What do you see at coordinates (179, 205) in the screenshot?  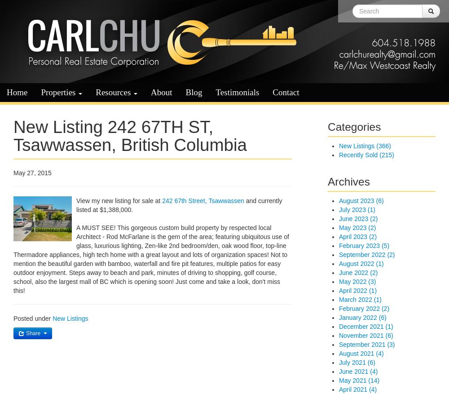 I see `'and currently listed at $1,388,000.'` at bounding box center [179, 205].